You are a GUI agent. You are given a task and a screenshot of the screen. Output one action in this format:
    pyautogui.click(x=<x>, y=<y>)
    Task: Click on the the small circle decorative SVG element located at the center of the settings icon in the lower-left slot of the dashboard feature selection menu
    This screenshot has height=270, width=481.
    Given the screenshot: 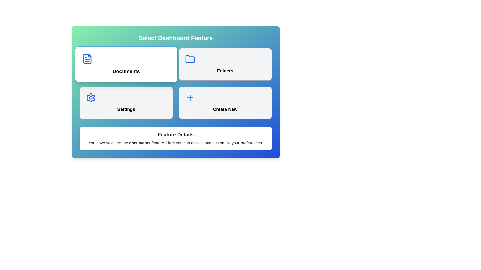 What is the action you would take?
    pyautogui.click(x=91, y=98)
    